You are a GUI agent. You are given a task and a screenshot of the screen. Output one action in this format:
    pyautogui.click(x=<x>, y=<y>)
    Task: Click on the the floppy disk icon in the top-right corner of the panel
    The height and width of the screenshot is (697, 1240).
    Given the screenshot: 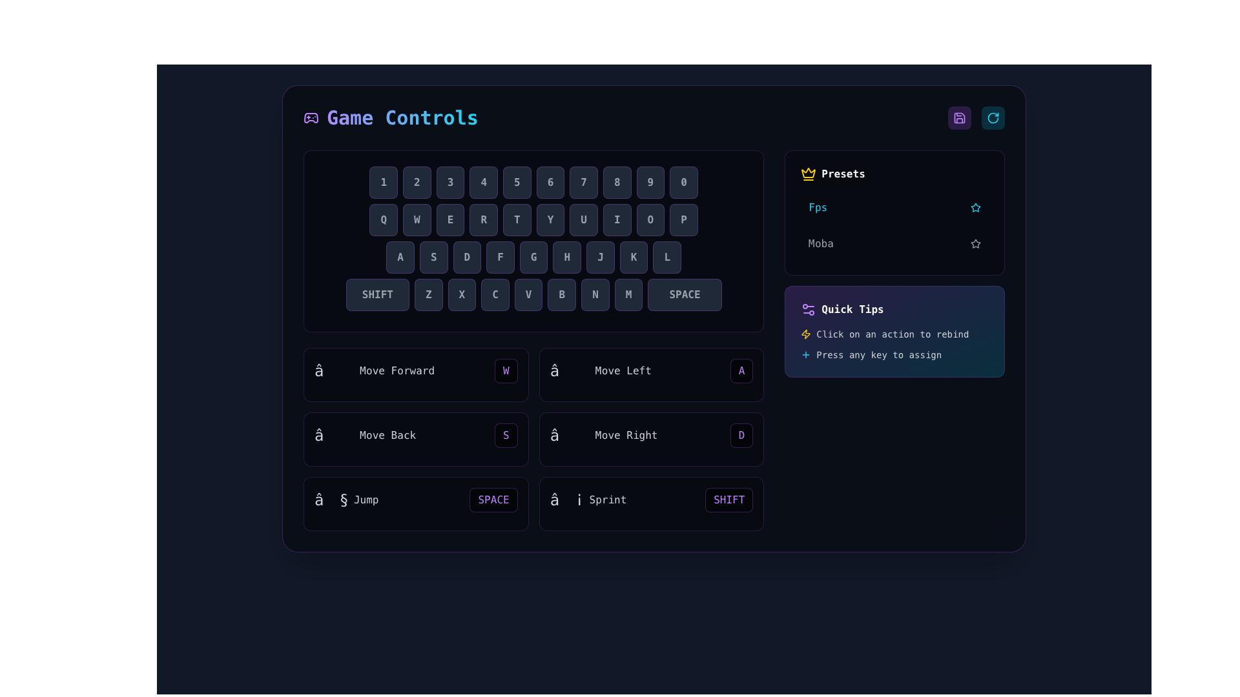 What is the action you would take?
    pyautogui.click(x=960, y=117)
    